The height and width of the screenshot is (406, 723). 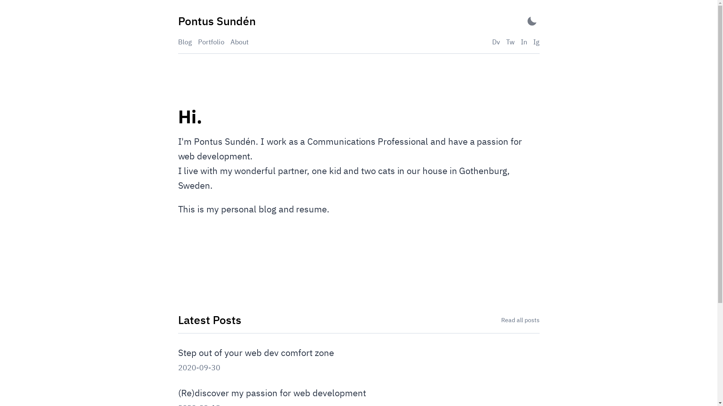 What do you see at coordinates (523, 42) in the screenshot?
I see `'In'` at bounding box center [523, 42].